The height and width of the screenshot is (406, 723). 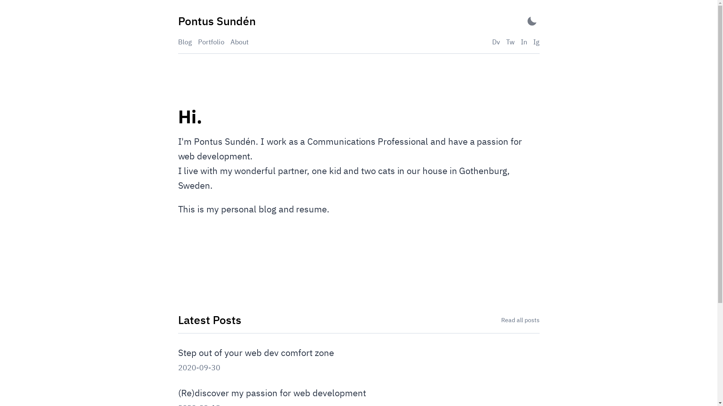 What do you see at coordinates (523, 42) in the screenshot?
I see `'In'` at bounding box center [523, 42].